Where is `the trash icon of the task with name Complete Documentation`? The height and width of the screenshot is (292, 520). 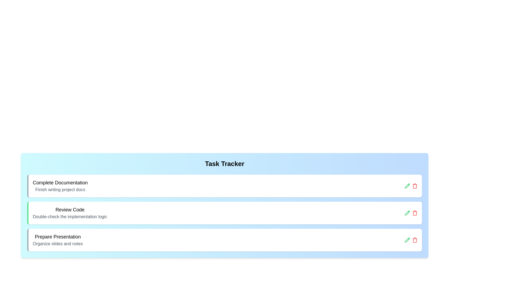 the trash icon of the task with name Complete Documentation is located at coordinates (414, 185).